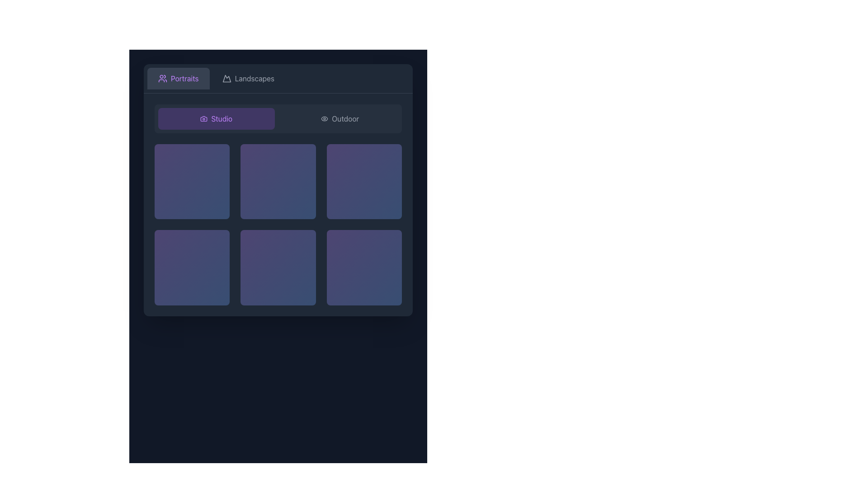 This screenshot has height=488, width=868. Describe the element at coordinates (192, 182) in the screenshot. I see `the top-left card in the grid layout representing 'Portraits'` at that location.